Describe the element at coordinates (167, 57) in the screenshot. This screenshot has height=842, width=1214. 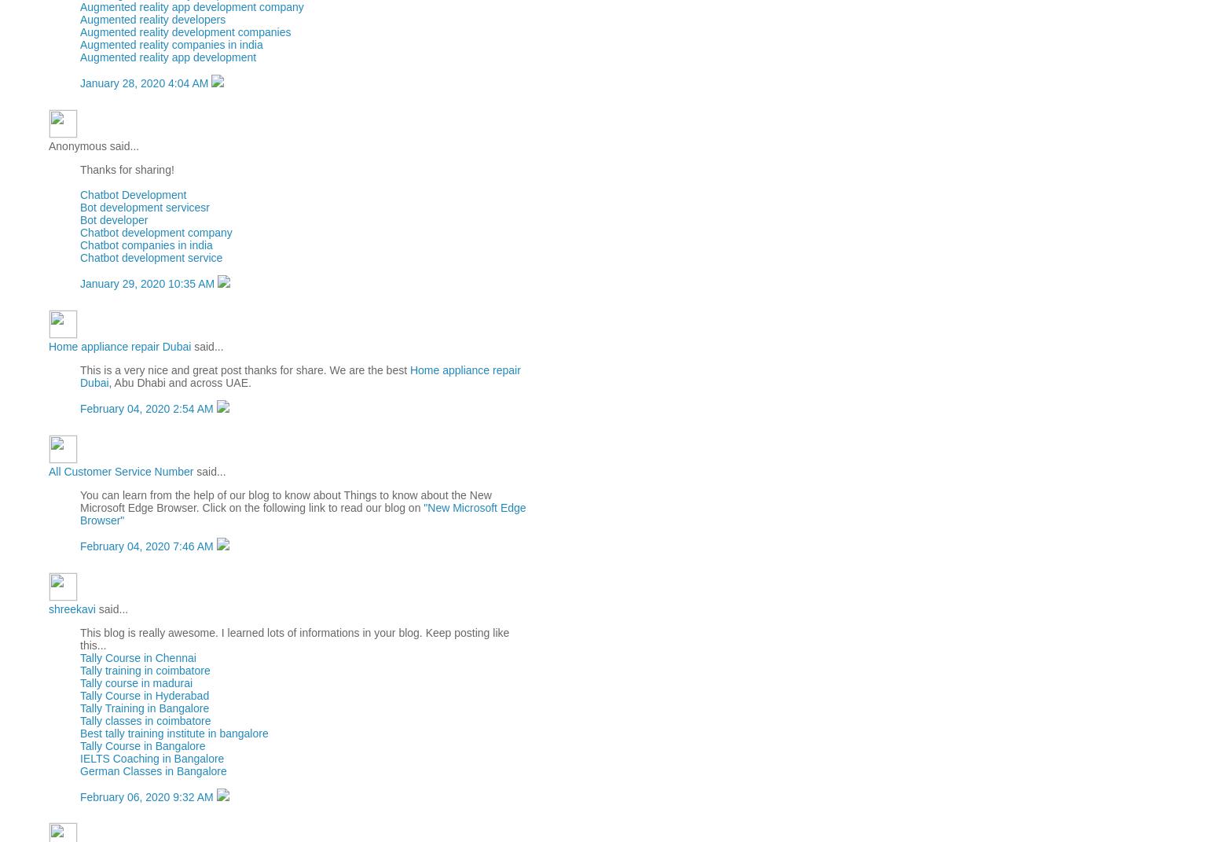
I see `'Augmented reality app development'` at that location.